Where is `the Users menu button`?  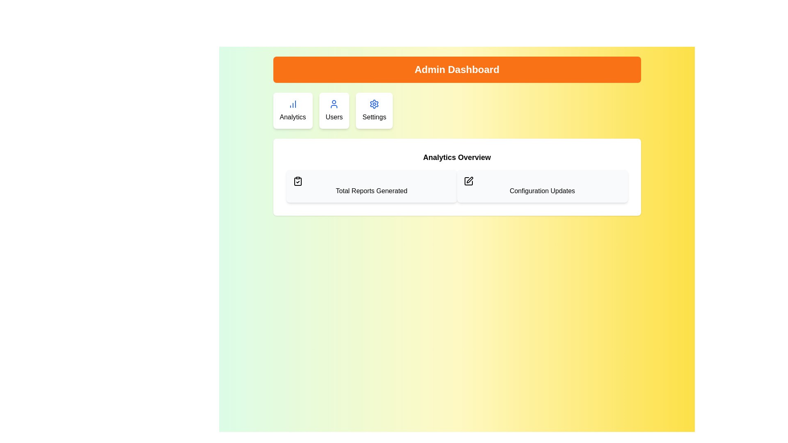
the Users menu button is located at coordinates (334, 111).